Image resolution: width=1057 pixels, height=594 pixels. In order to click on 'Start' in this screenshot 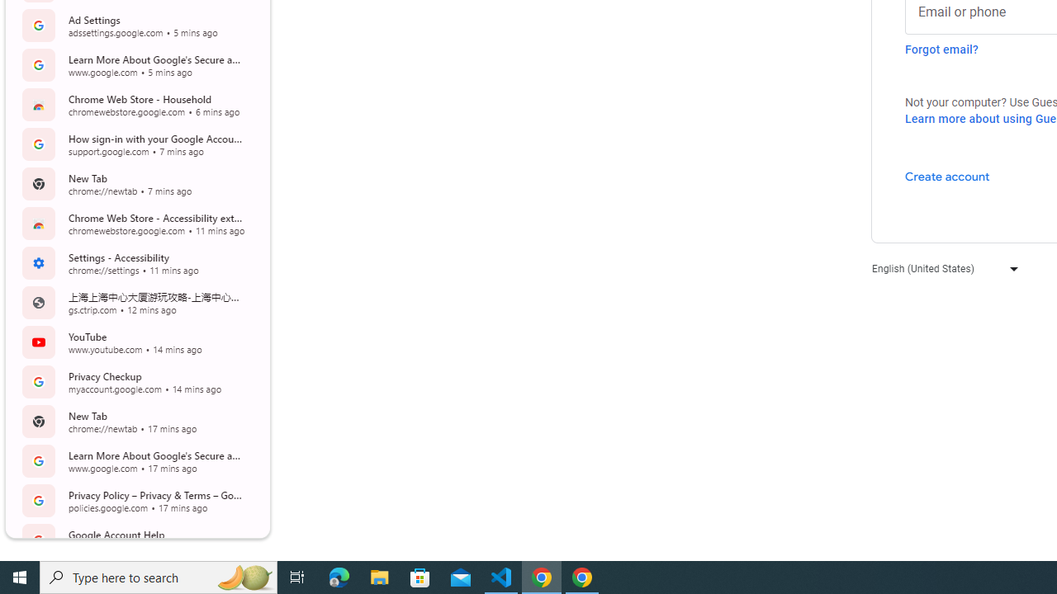, I will do `click(20, 576)`.